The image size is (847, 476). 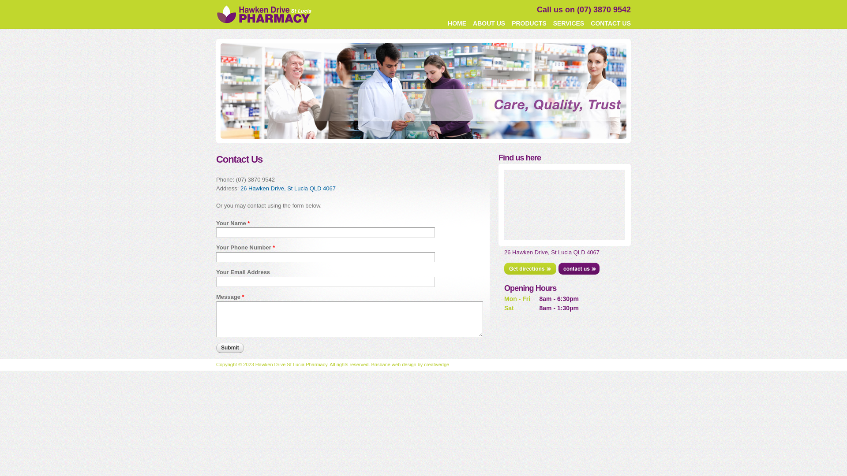 What do you see at coordinates (610, 23) in the screenshot?
I see `'CONTACT US'` at bounding box center [610, 23].